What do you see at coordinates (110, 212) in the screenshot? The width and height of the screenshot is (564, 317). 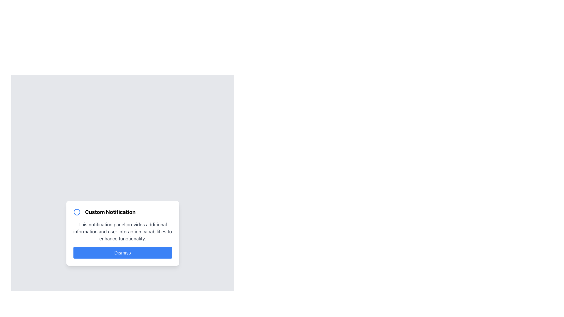 I see `the bold text element that says 'Custom Notification', which is styled in black and positioned within a notification panel at the lower part of the interface` at bounding box center [110, 212].